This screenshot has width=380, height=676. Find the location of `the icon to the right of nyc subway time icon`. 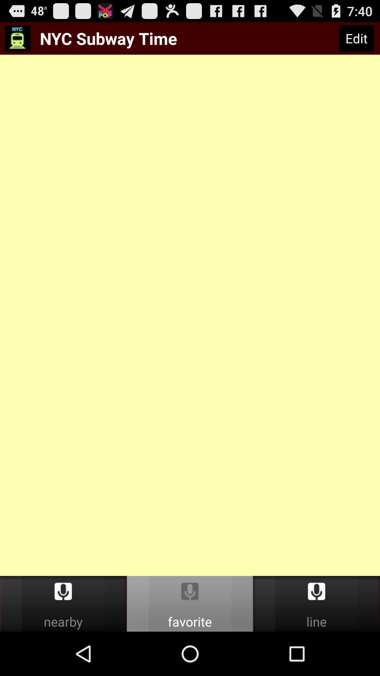

the icon to the right of nyc subway time icon is located at coordinates (356, 38).